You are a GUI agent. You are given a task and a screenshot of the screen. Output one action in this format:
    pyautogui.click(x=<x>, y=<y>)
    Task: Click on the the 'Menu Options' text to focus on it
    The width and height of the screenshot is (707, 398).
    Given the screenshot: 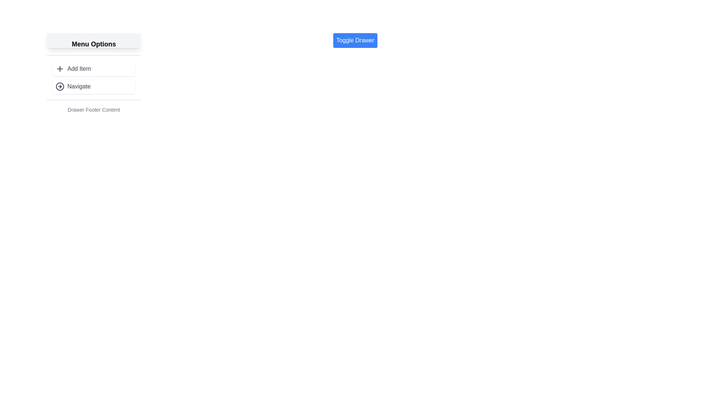 What is the action you would take?
    pyautogui.click(x=93, y=44)
    